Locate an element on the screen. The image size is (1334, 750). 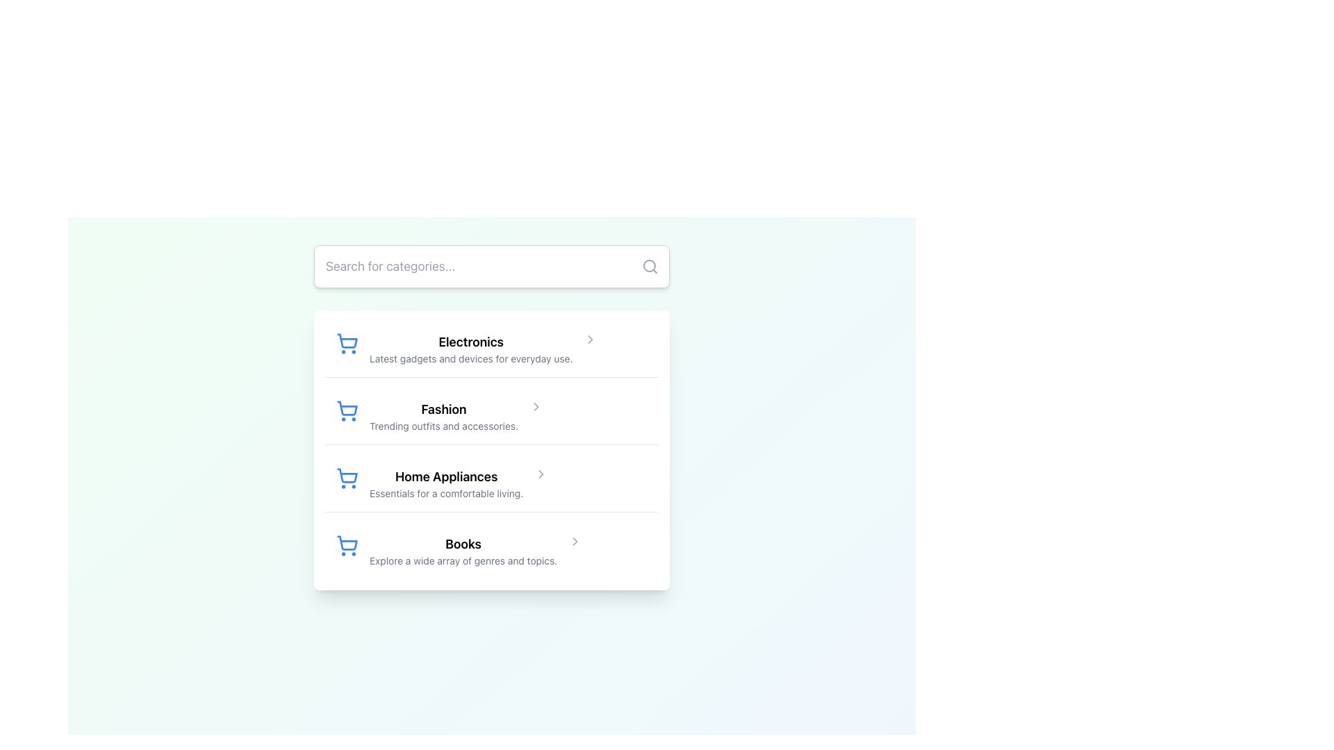
the clickable category text label for home appliances, which is the third element in a vertical list, positioned between 'Fashion' and 'Books' is located at coordinates (446, 483).